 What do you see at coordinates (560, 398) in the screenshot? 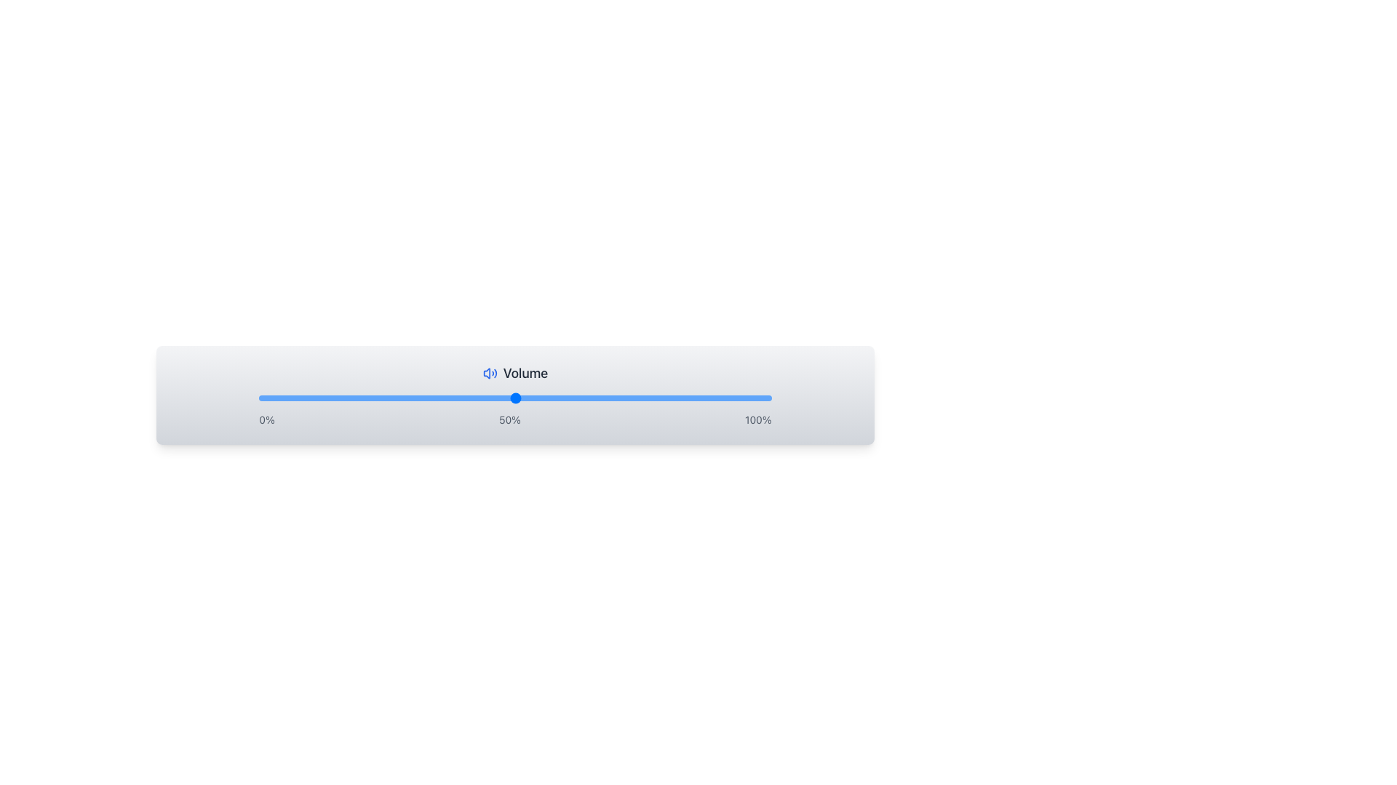
I see `the volume` at bounding box center [560, 398].